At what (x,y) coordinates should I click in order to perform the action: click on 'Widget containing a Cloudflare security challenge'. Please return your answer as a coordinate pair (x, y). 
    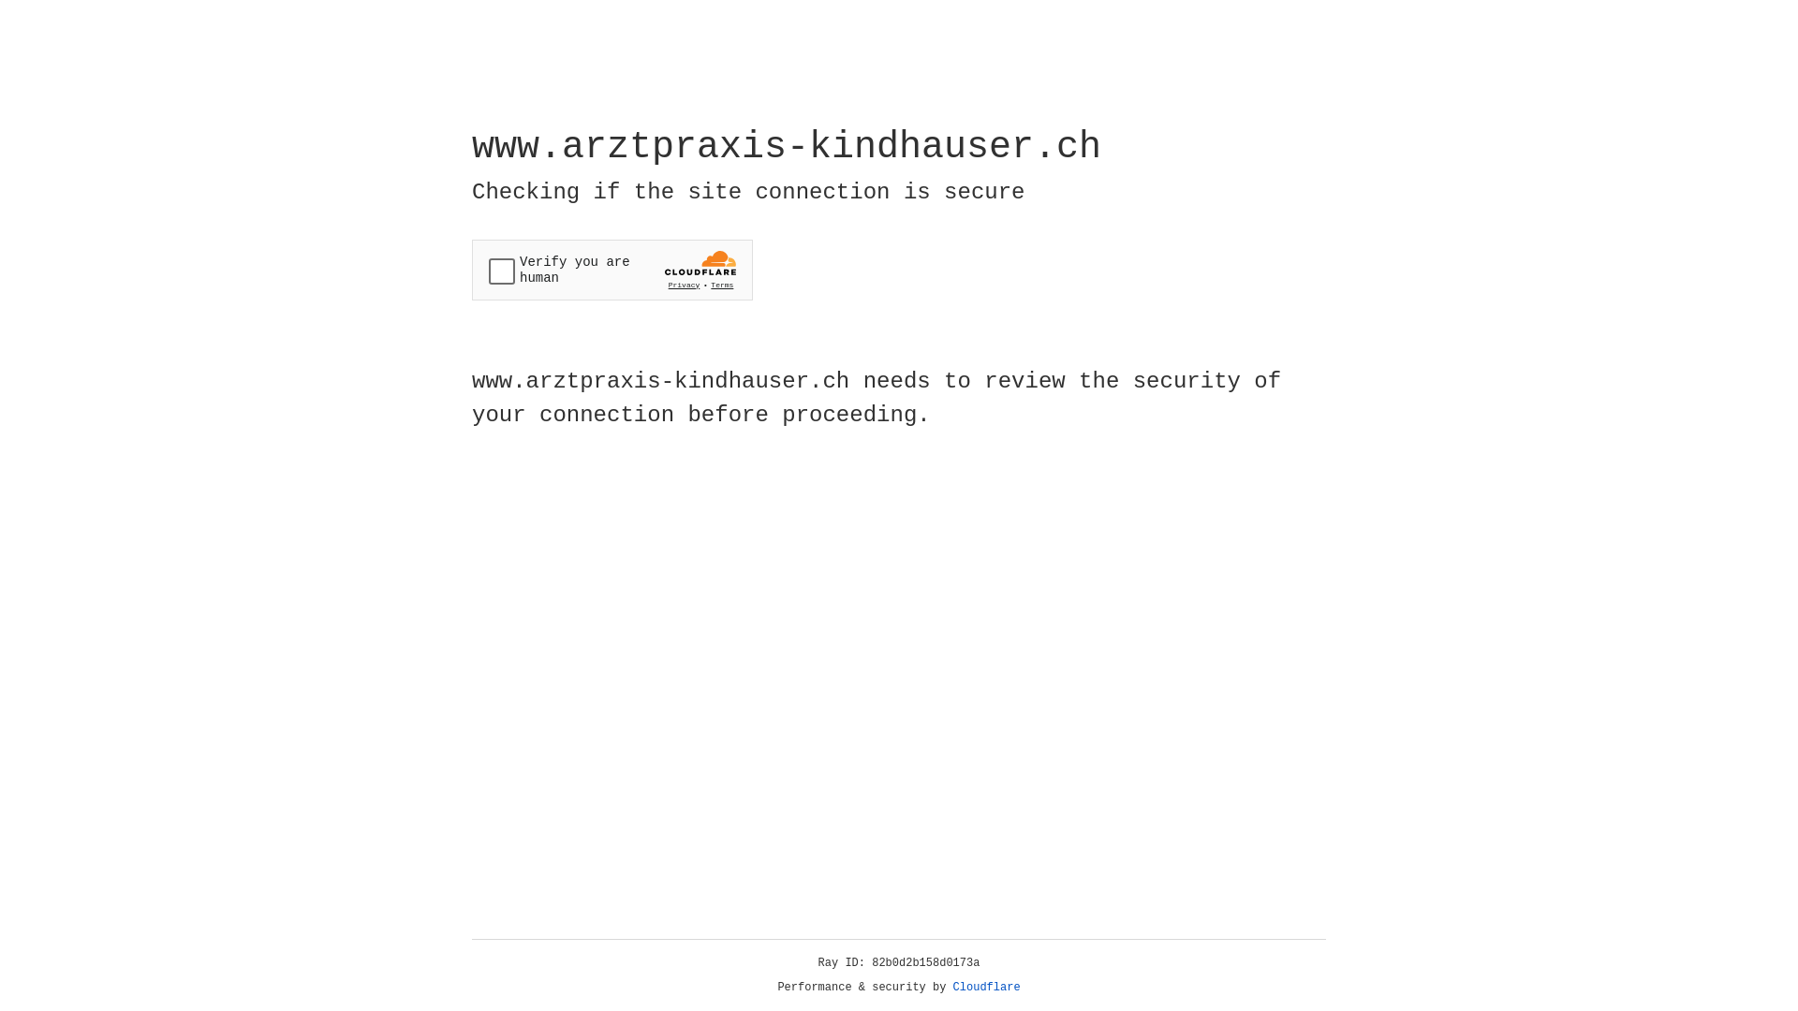
    Looking at the image, I should click on (612, 270).